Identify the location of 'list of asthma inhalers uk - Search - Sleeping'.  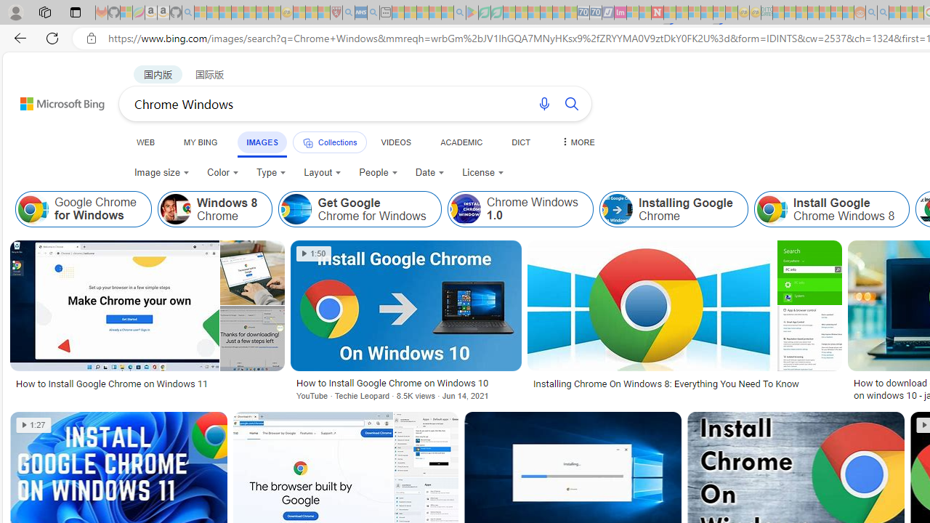
(349, 12).